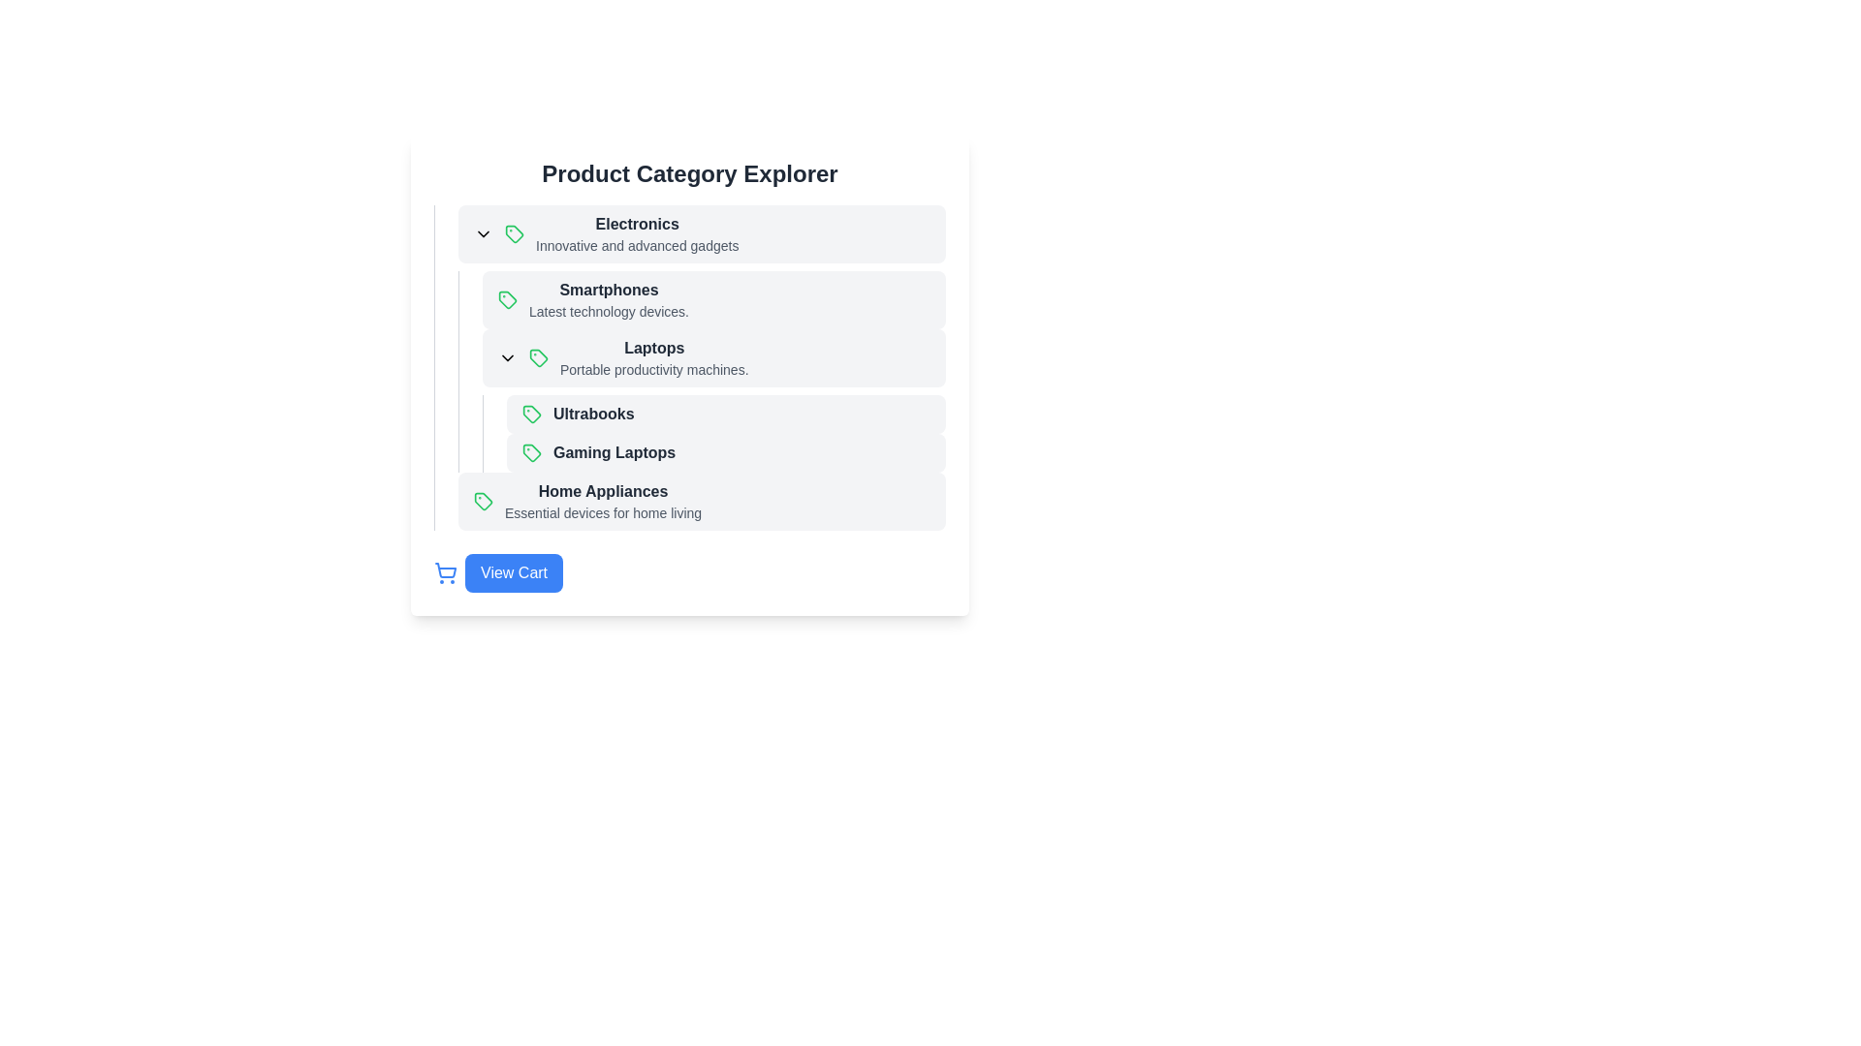 The height and width of the screenshot is (1046, 1861). I want to click on the 'Laptops' category option in the Electronics menu, so click(713, 358).